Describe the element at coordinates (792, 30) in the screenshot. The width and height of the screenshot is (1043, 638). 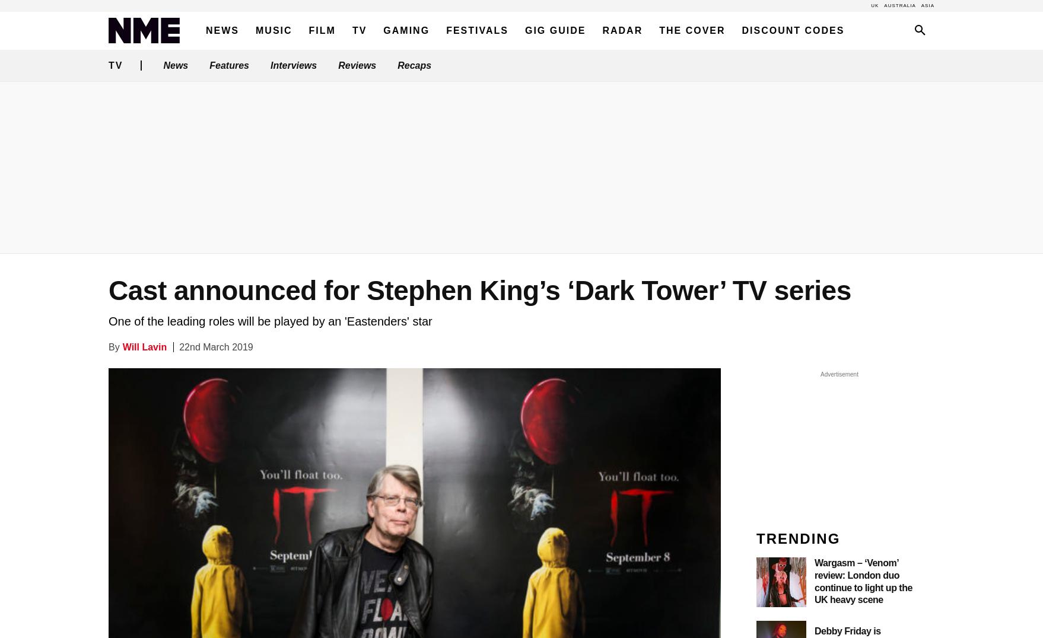
I see `'Discount Codes'` at that location.